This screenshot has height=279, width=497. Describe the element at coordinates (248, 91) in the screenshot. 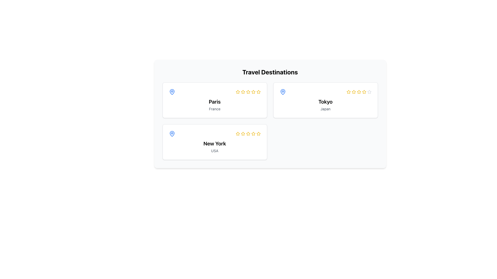

I see `the third star icon in the rating section of the 'Paris, France' destination card` at that location.